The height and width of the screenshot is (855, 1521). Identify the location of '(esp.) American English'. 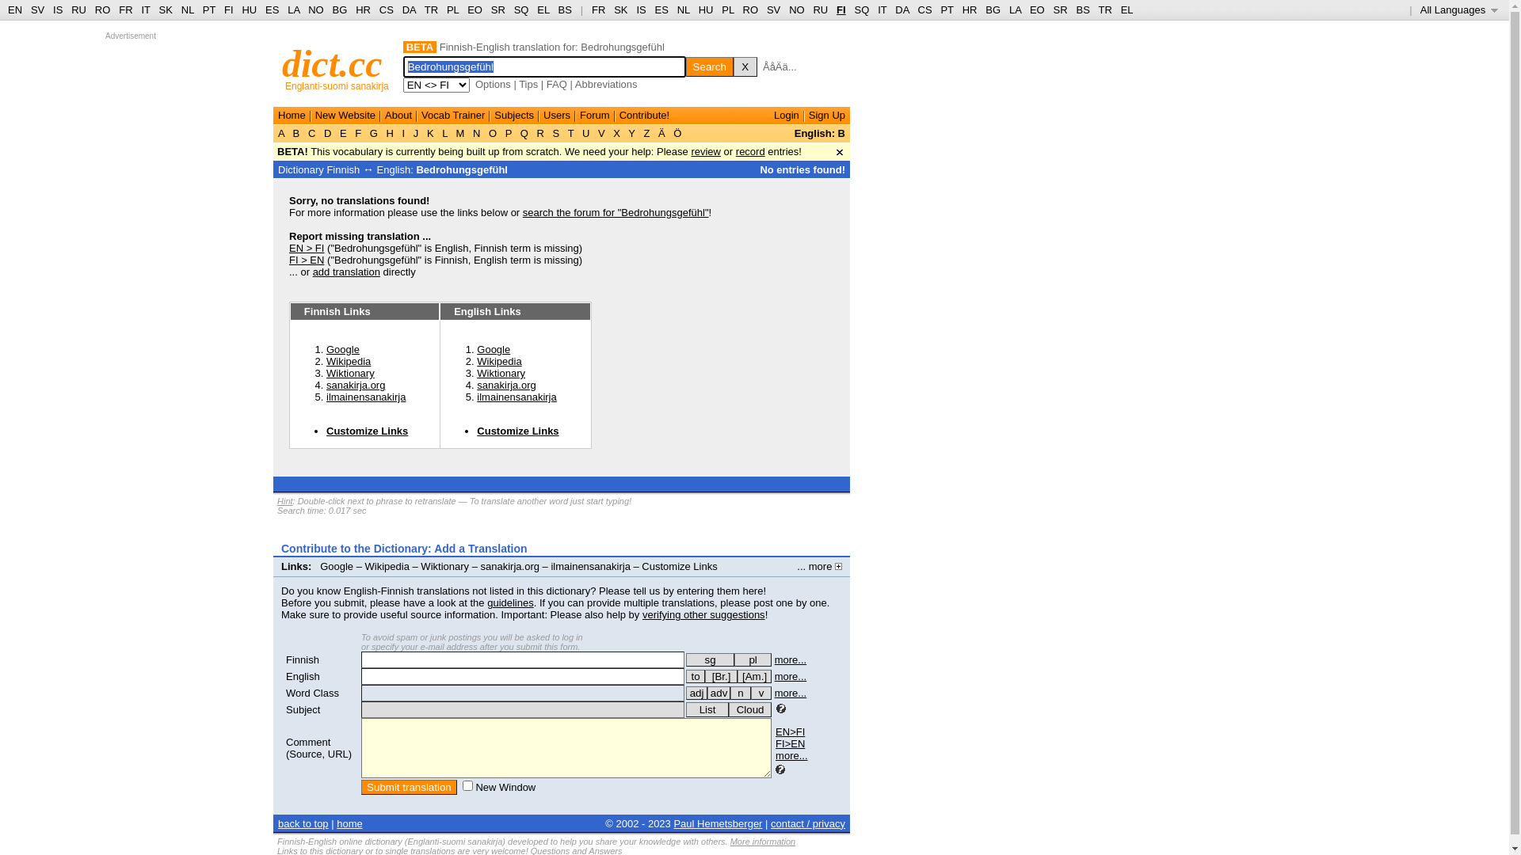
(737, 676).